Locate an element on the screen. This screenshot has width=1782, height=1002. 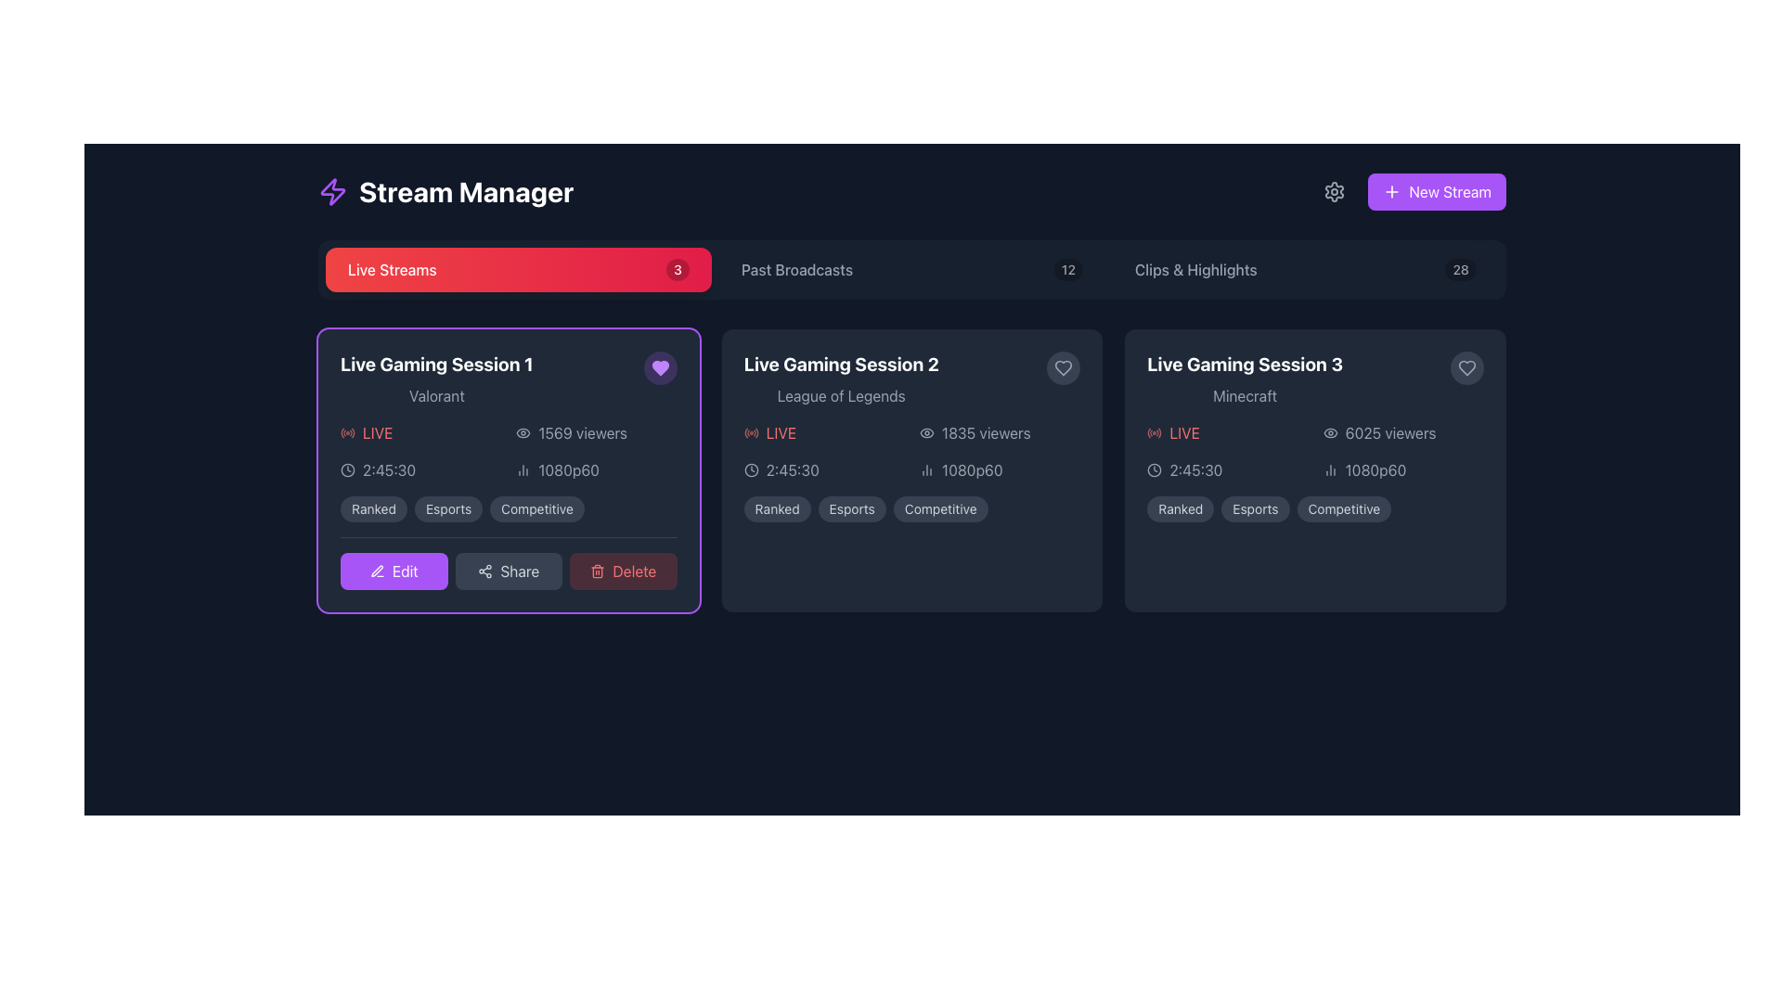
the text label that indicates the active status of the live session for 'Live Gaming Session 1', which is located in the center-left region of the primary card content is located at coordinates (377, 432).